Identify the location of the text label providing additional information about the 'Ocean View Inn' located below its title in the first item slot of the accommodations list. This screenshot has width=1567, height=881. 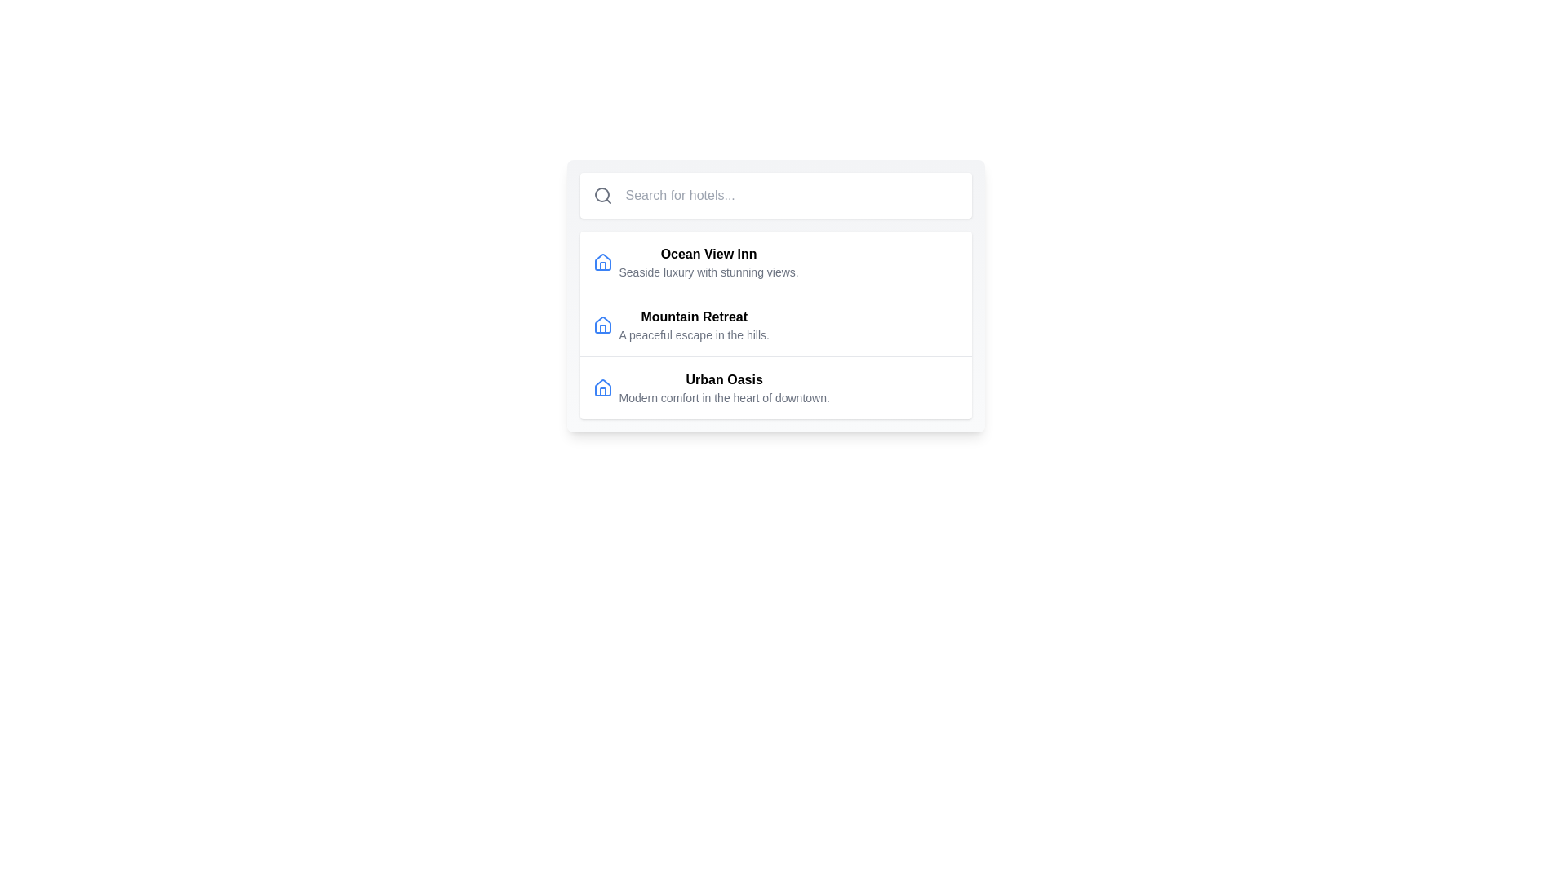
(708, 272).